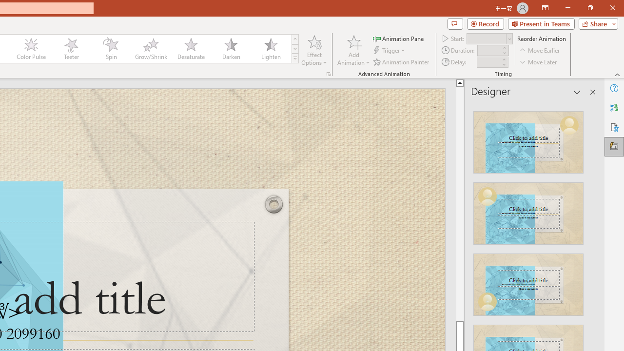 The width and height of the screenshot is (624, 351). I want to click on 'Animation Delay', so click(488, 62).